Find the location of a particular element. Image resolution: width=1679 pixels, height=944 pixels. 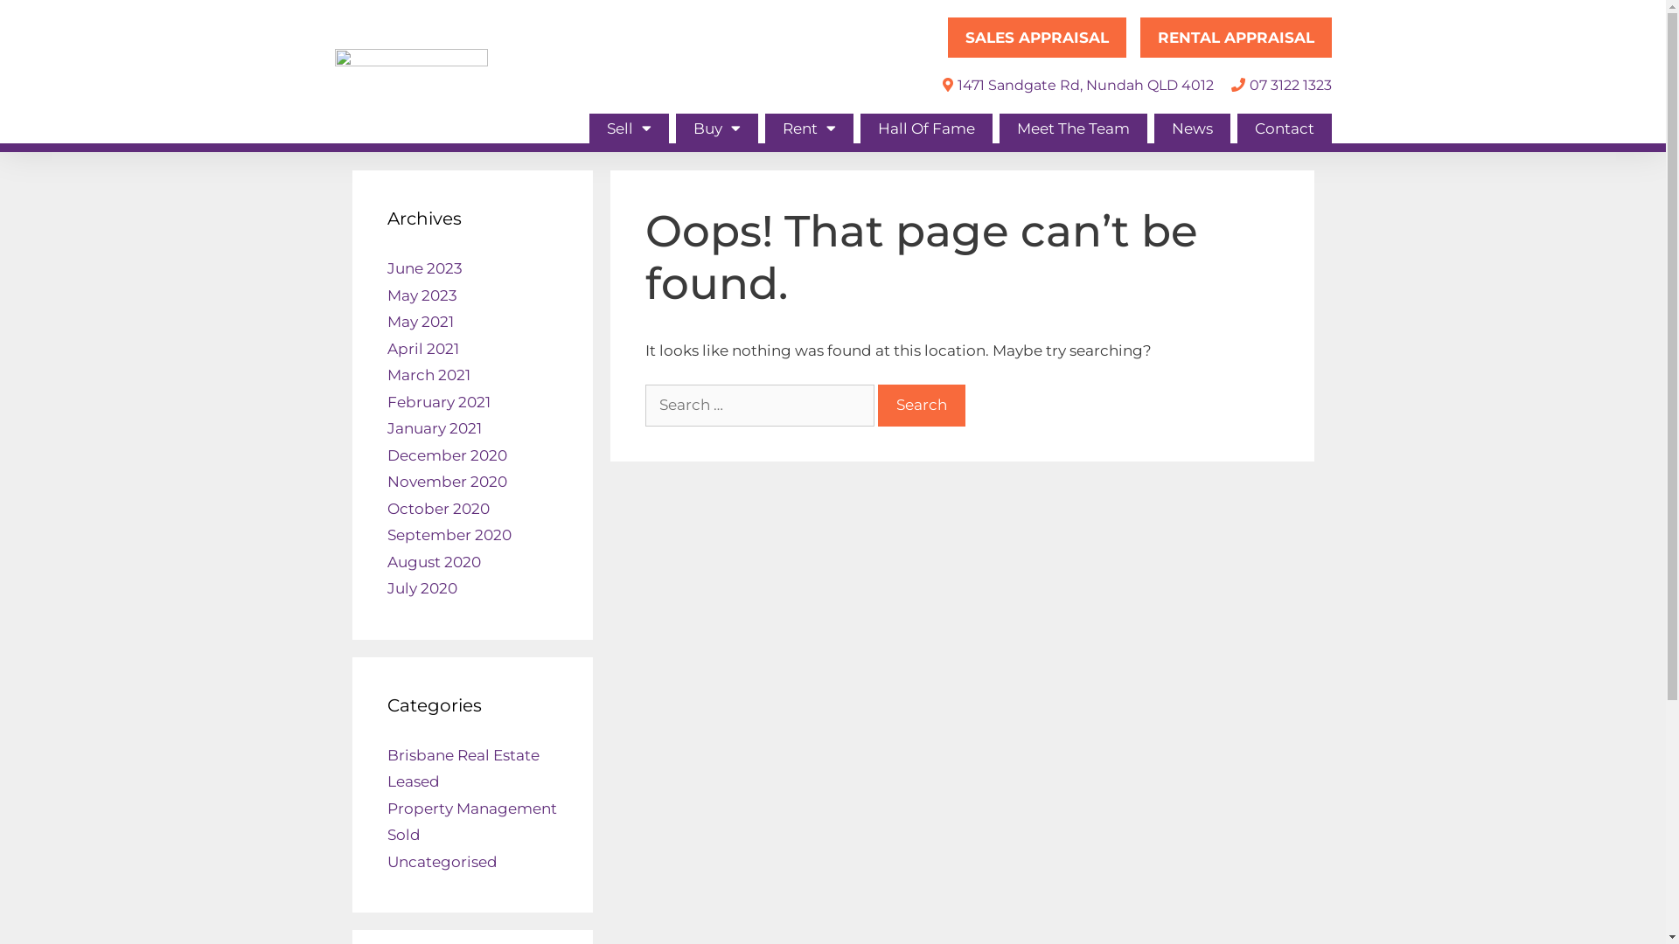

'1471 Sandgate Rd, Nundah QLD 4012' is located at coordinates (1073, 85).